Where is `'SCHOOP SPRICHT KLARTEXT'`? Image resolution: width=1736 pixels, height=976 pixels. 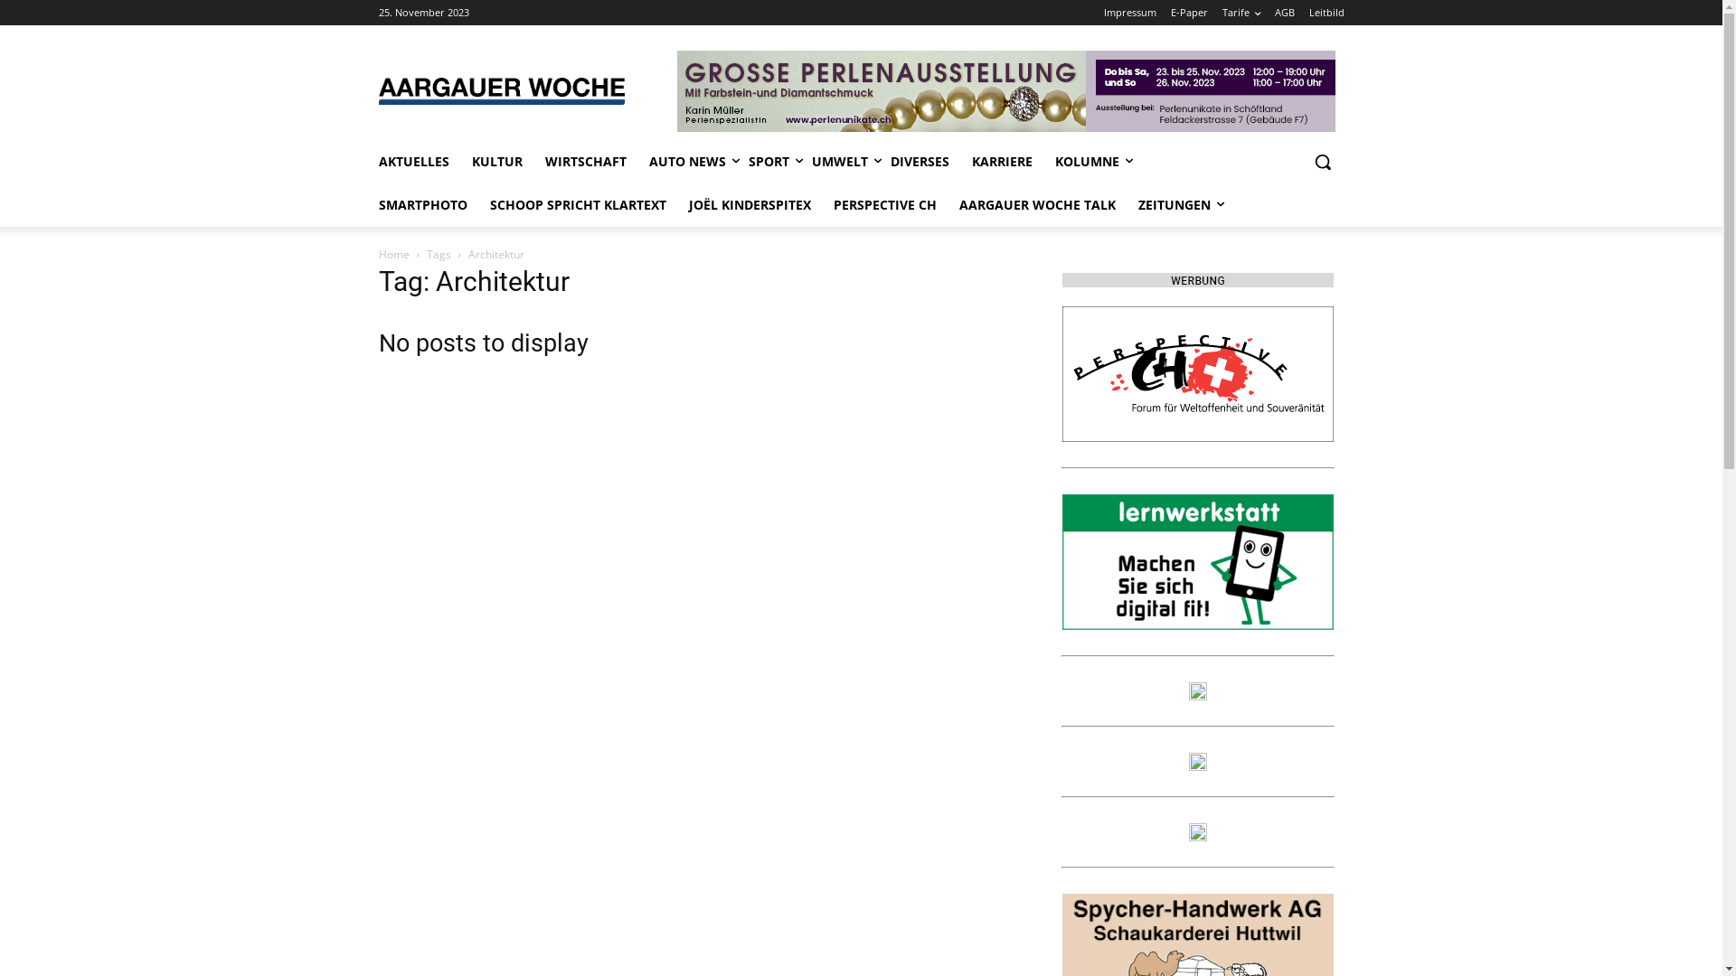 'SCHOOP SPRICHT KLARTEXT' is located at coordinates (577, 204).